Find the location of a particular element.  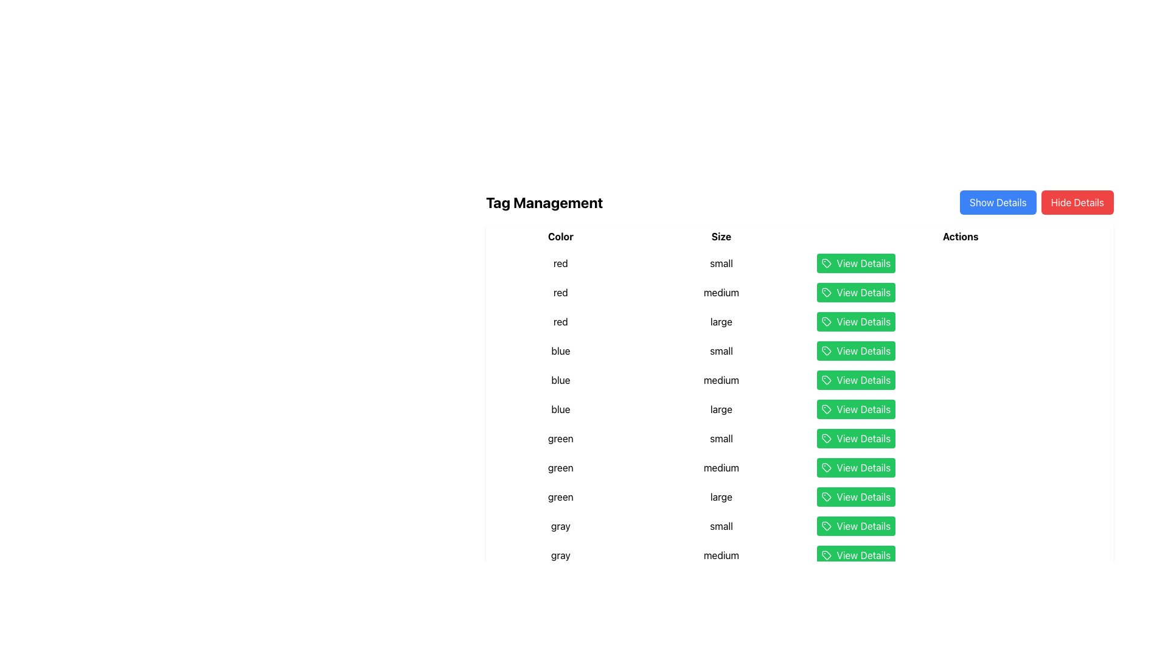

the text element indicating the size attribute 'large' associated with the 'blue' tag within the 'Size' column of the table is located at coordinates (721, 409).